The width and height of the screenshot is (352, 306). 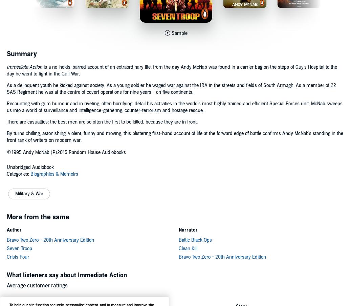 What do you see at coordinates (6, 88) in the screenshot?
I see `'As a delinquent youth he kicked against society. As a young soldier he waged war against the IRA in the streets and fields of South Armagh. As a member of 22 SAS Regiment he was at the centre of covert operations for nine years - on five continents.'` at bounding box center [6, 88].